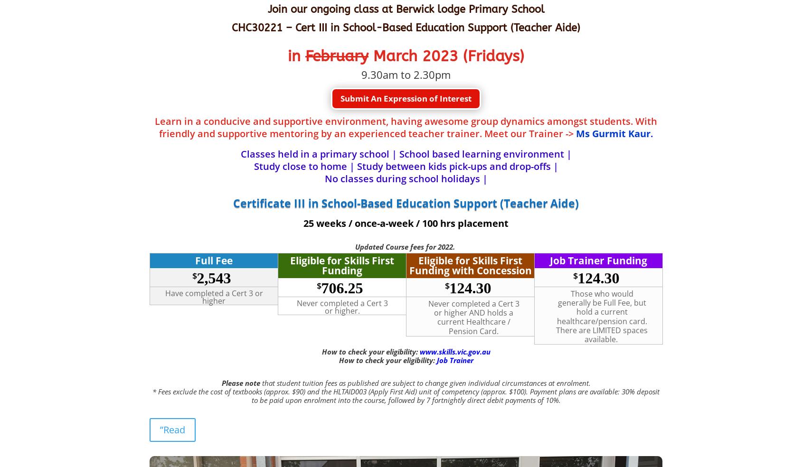 The width and height of the screenshot is (812, 467). I want to click on 'Eligible for Skills First Funding', so click(342, 265).